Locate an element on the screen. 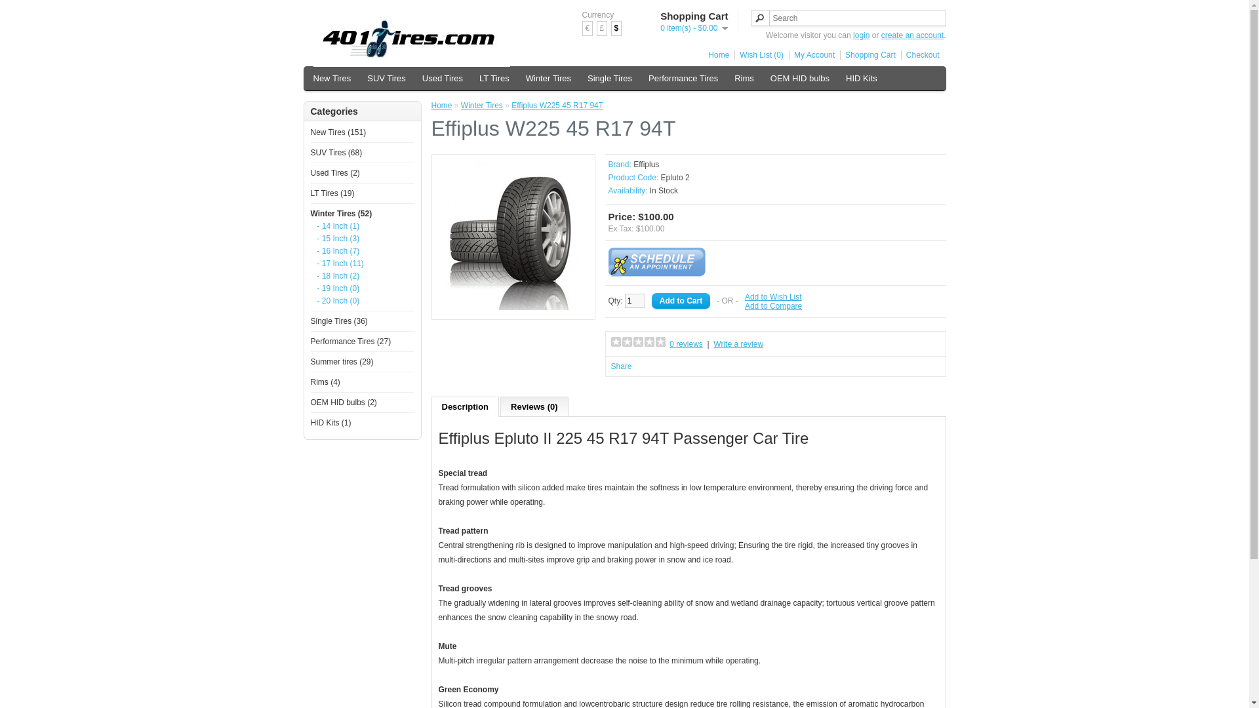  '0 reviews' is located at coordinates (685, 343).